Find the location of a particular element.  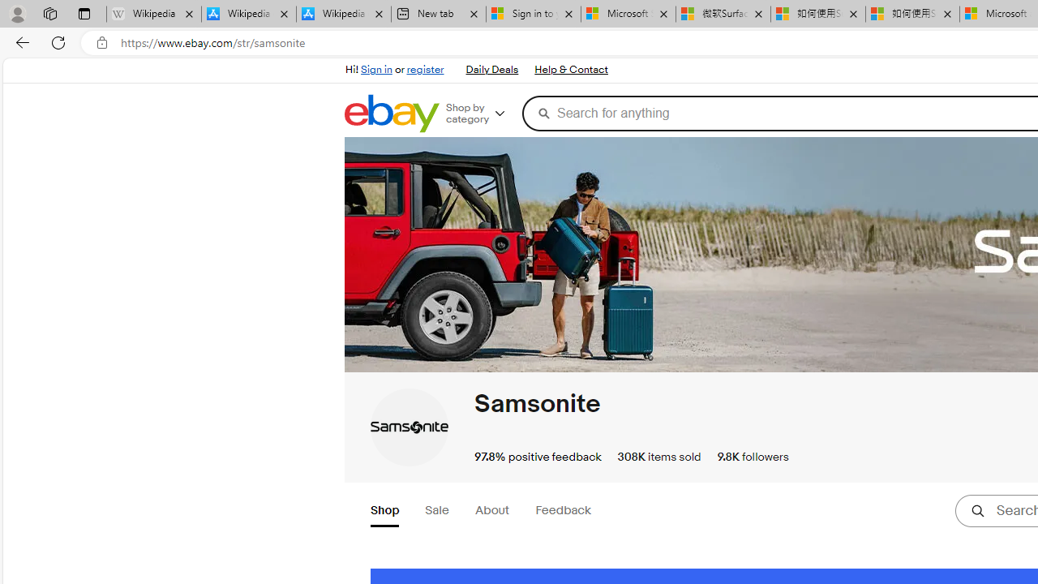

'Shop' is located at coordinates (384, 512).